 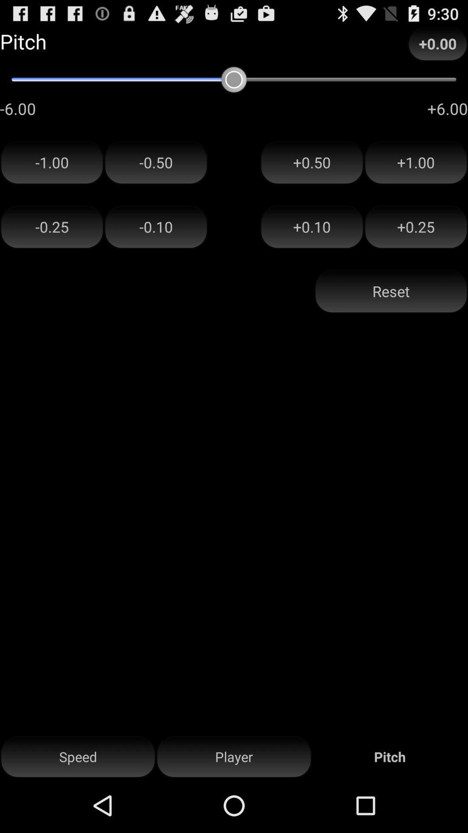 I want to click on button below the +0.10 icon, so click(x=391, y=292).